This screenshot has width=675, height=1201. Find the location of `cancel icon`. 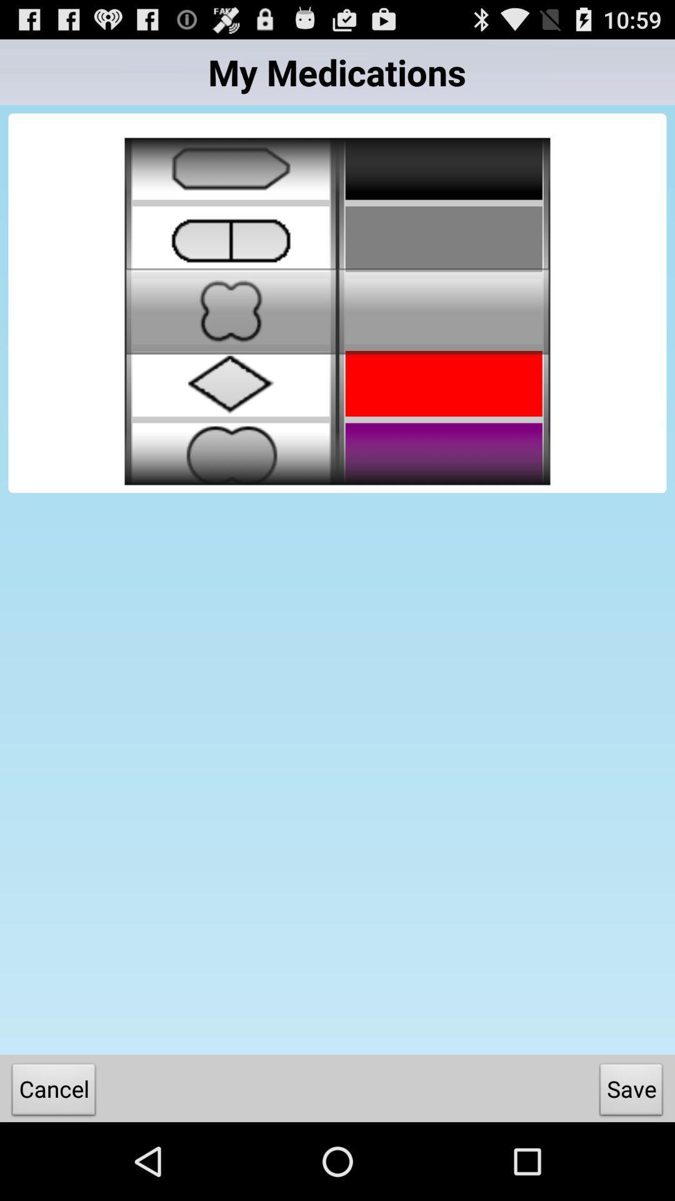

cancel icon is located at coordinates (53, 1092).